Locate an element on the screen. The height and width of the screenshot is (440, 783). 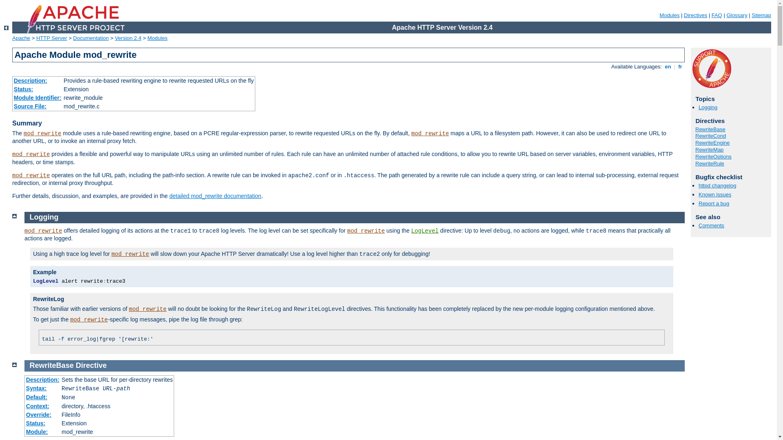
'mod_rewrite' is located at coordinates (129, 254).